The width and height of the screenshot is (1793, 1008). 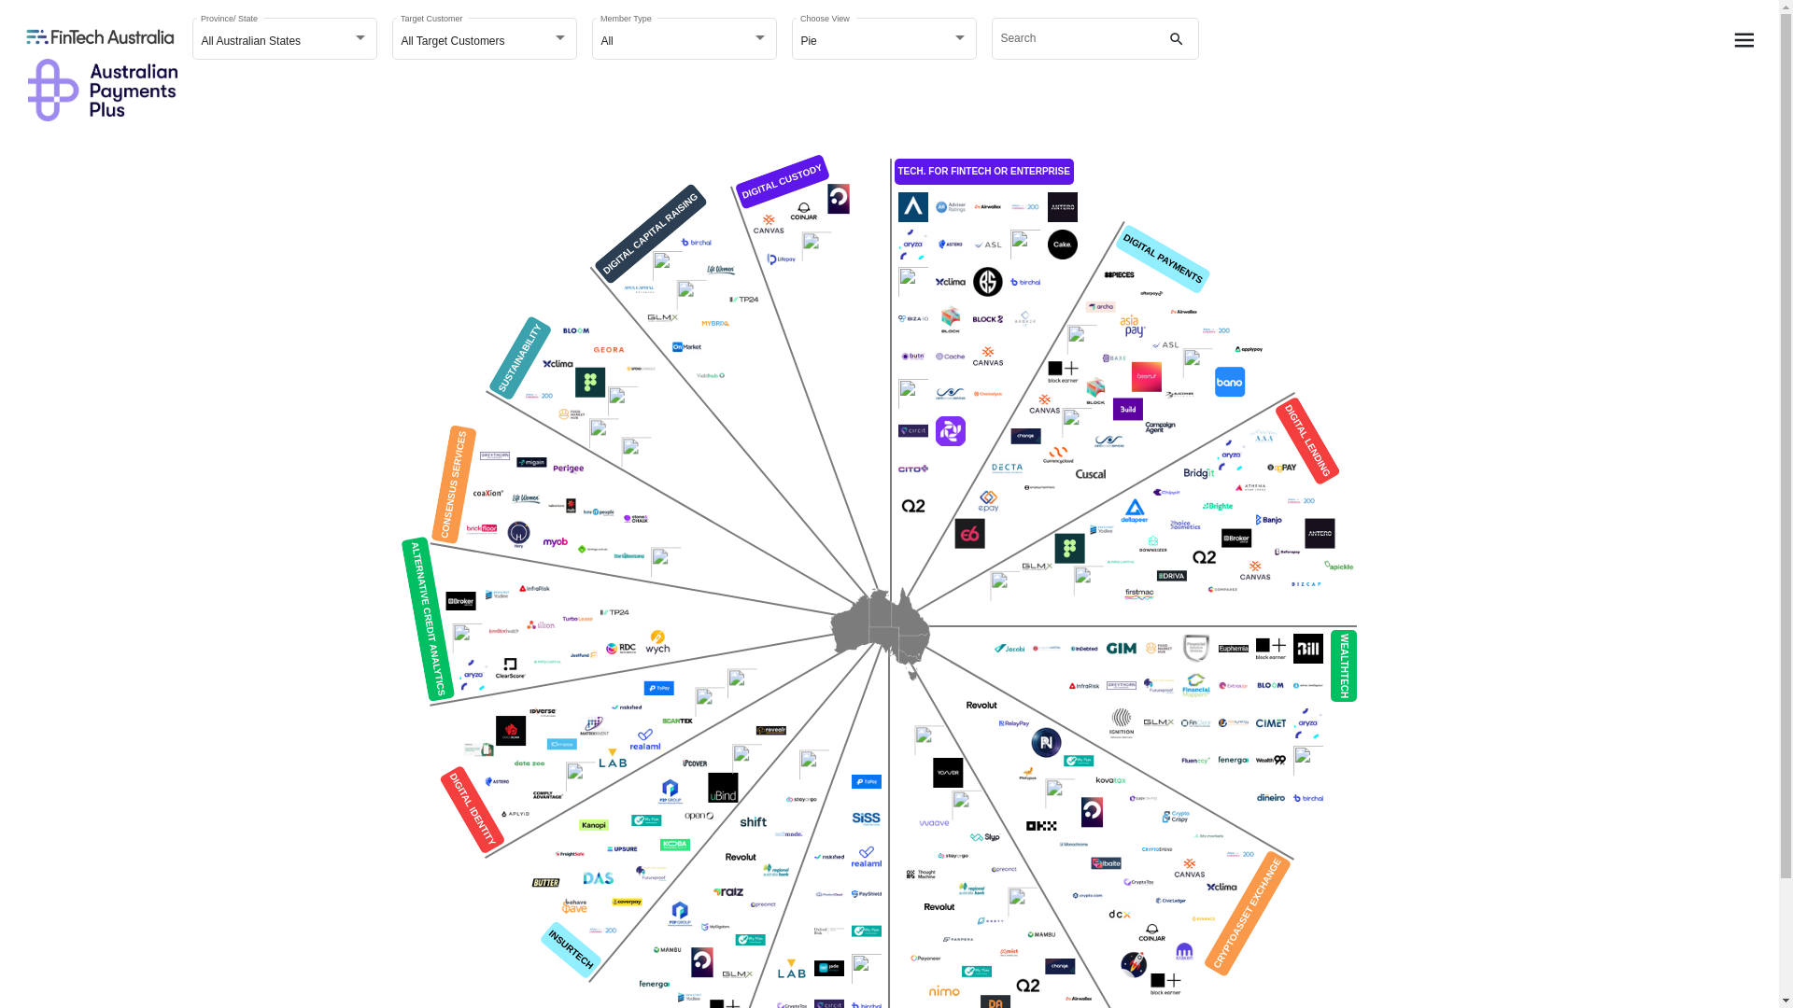 What do you see at coordinates (1039, 824) in the screenshot?
I see `'OKX'` at bounding box center [1039, 824].